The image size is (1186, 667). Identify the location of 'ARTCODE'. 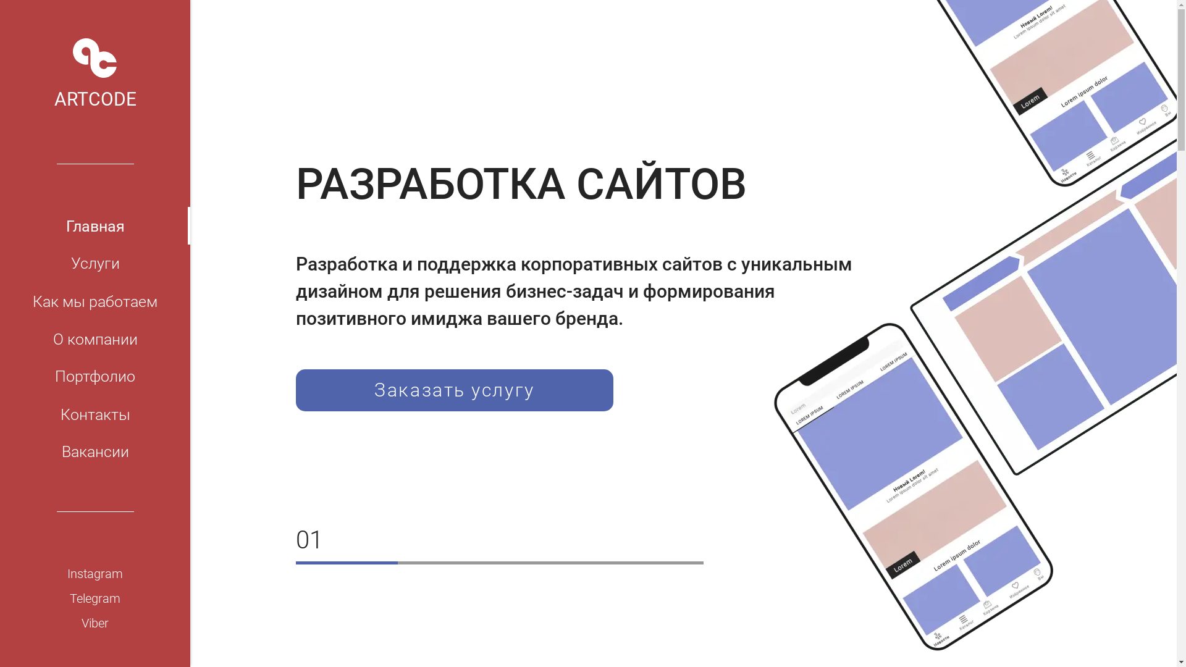
(94, 73).